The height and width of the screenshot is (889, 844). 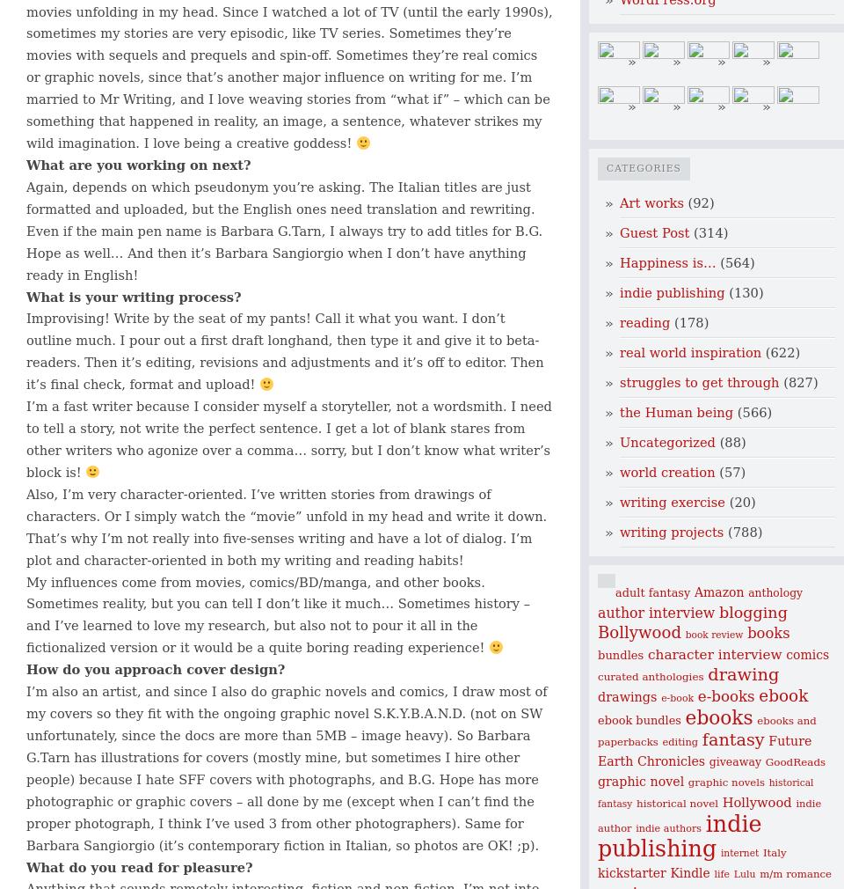 What do you see at coordinates (713, 874) in the screenshot?
I see `'life'` at bounding box center [713, 874].